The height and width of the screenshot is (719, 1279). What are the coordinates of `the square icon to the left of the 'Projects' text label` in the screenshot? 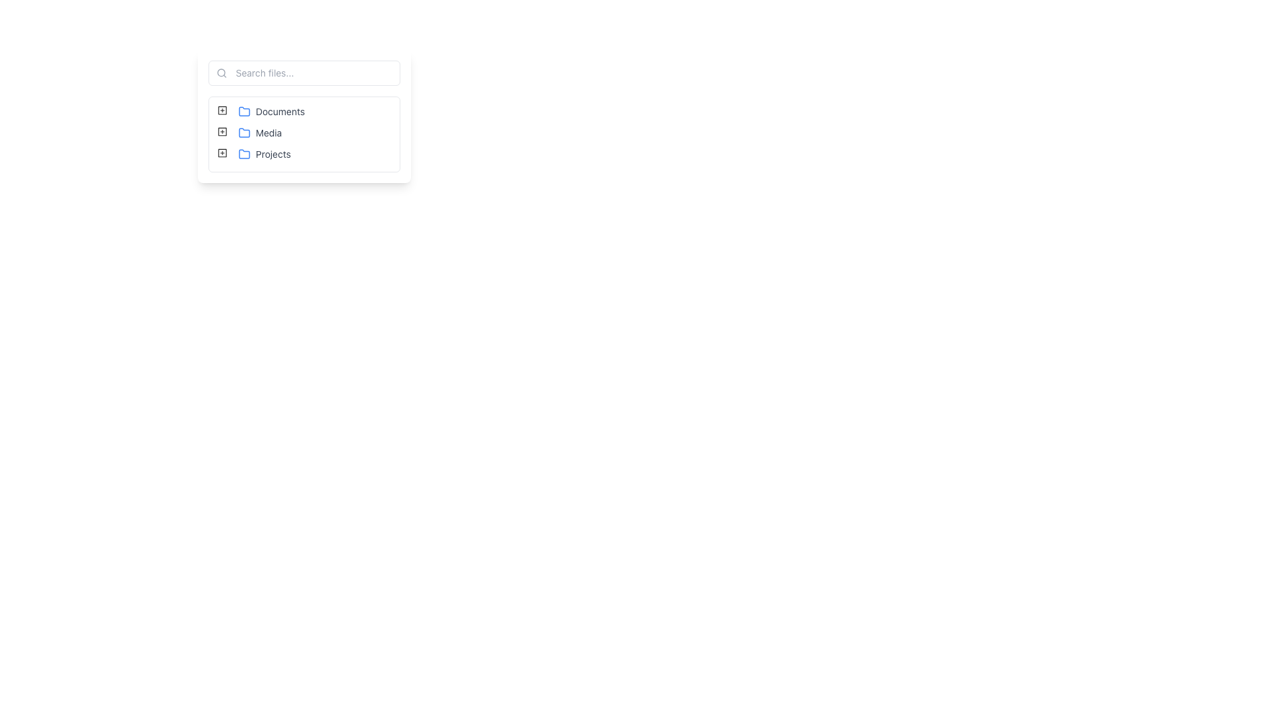 It's located at (222, 152).